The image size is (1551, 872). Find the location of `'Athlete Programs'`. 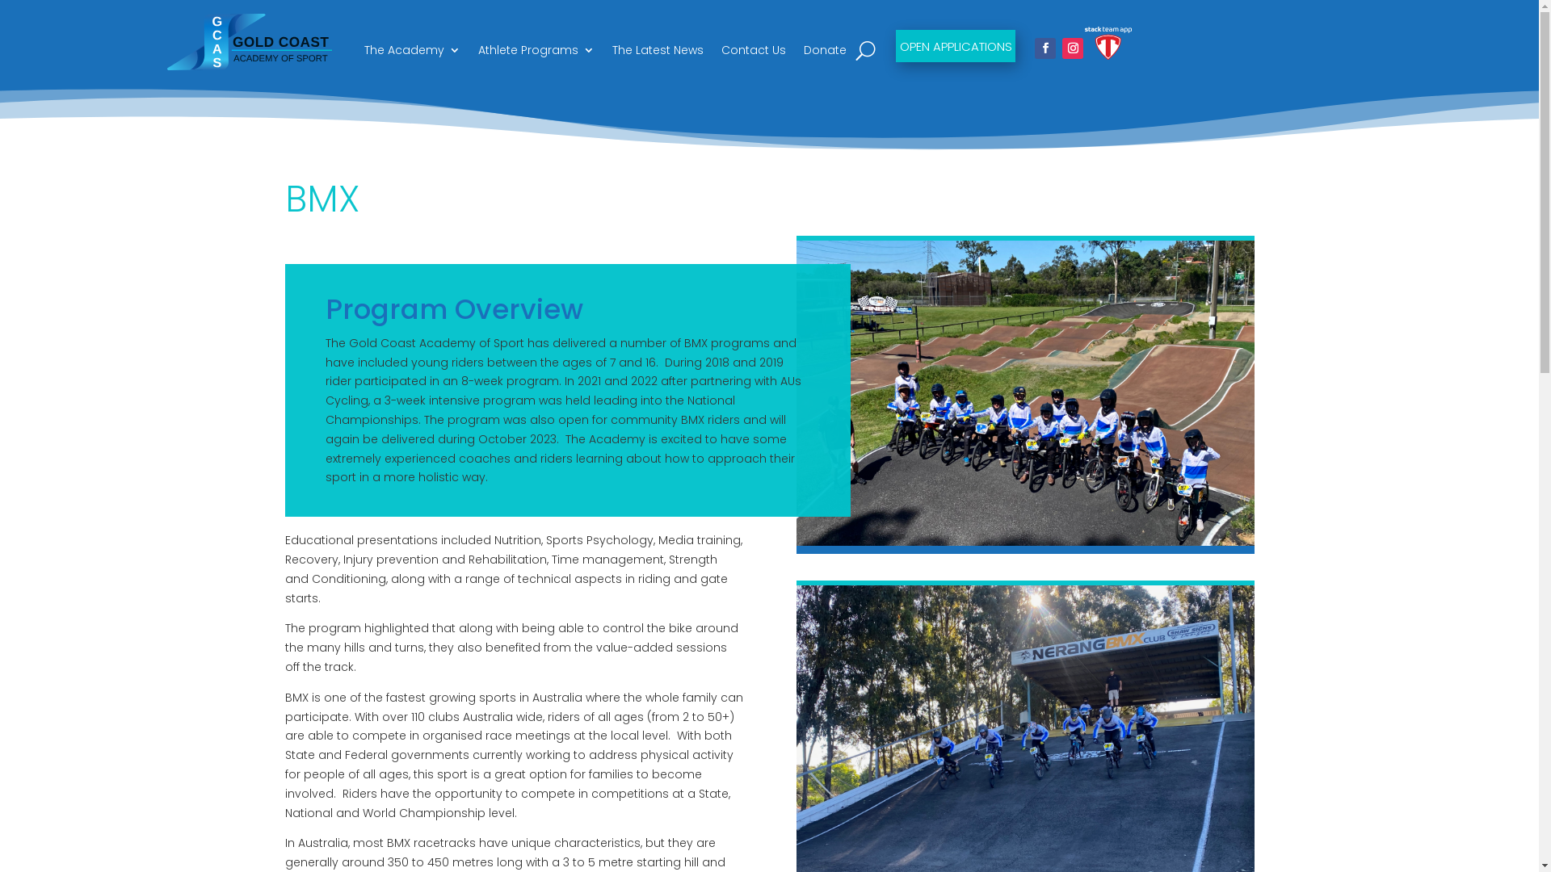

'Athlete Programs' is located at coordinates (536, 52).